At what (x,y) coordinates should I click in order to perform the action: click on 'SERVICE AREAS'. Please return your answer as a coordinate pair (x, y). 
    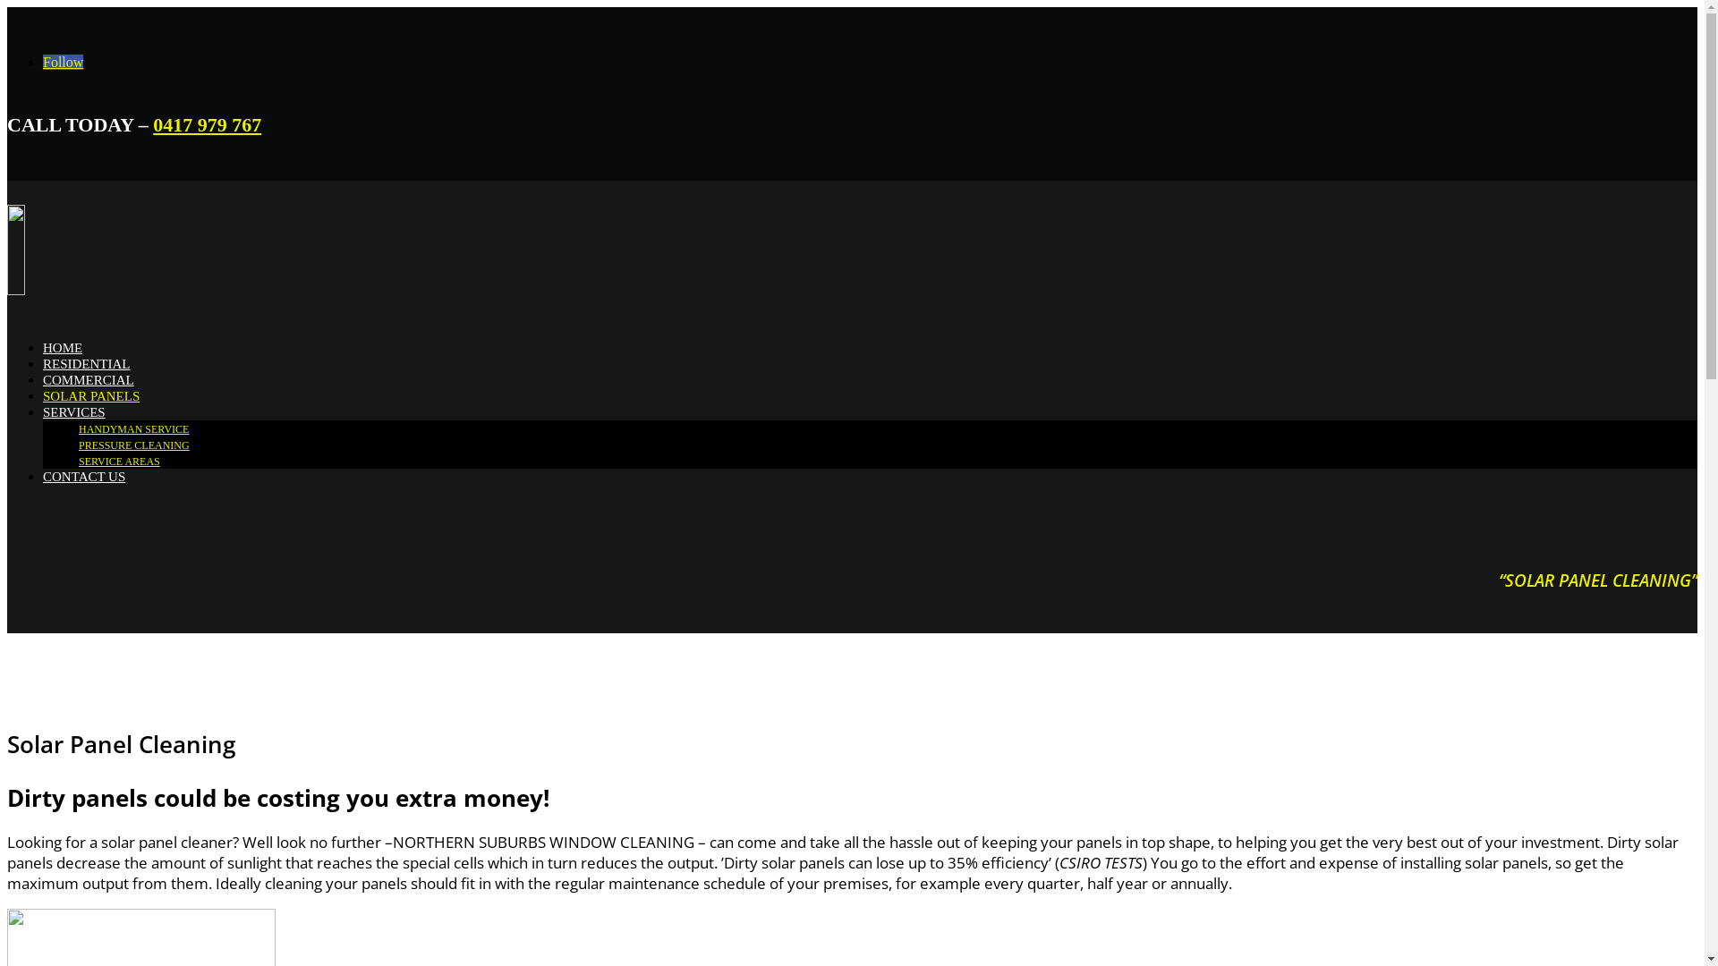
    Looking at the image, I should click on (118, 461).